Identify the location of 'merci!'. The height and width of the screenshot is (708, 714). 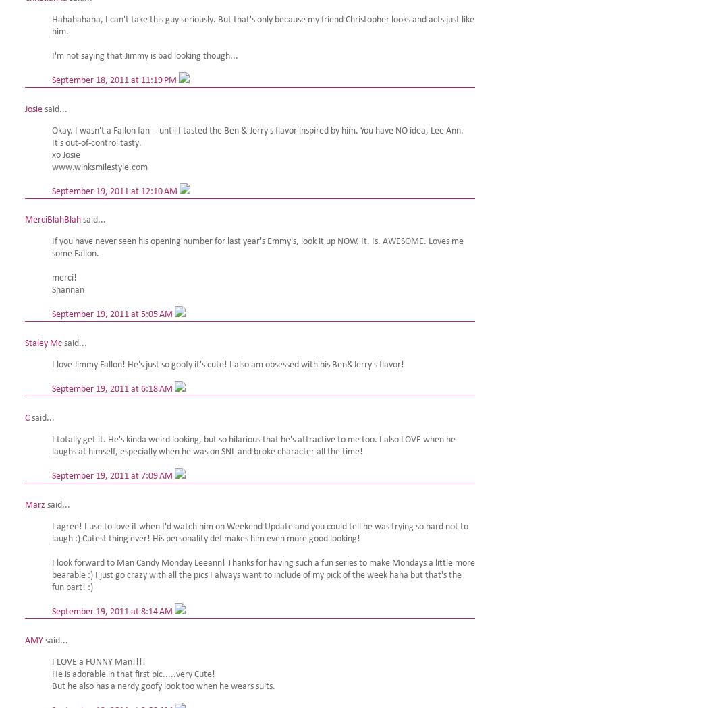
(63, 278).